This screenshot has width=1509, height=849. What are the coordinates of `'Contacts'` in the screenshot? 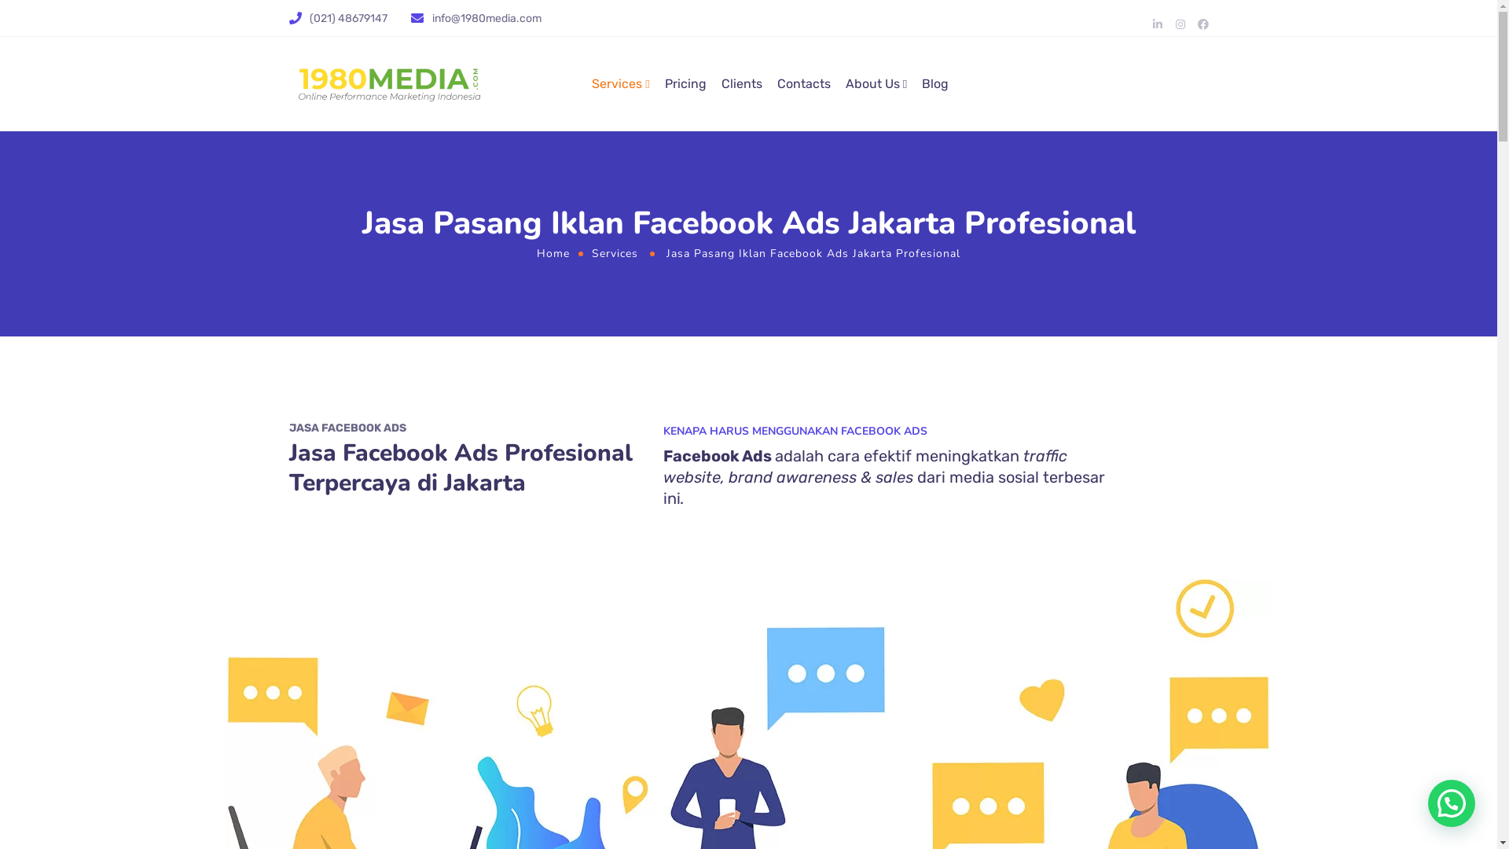 It's located at (803, 84).